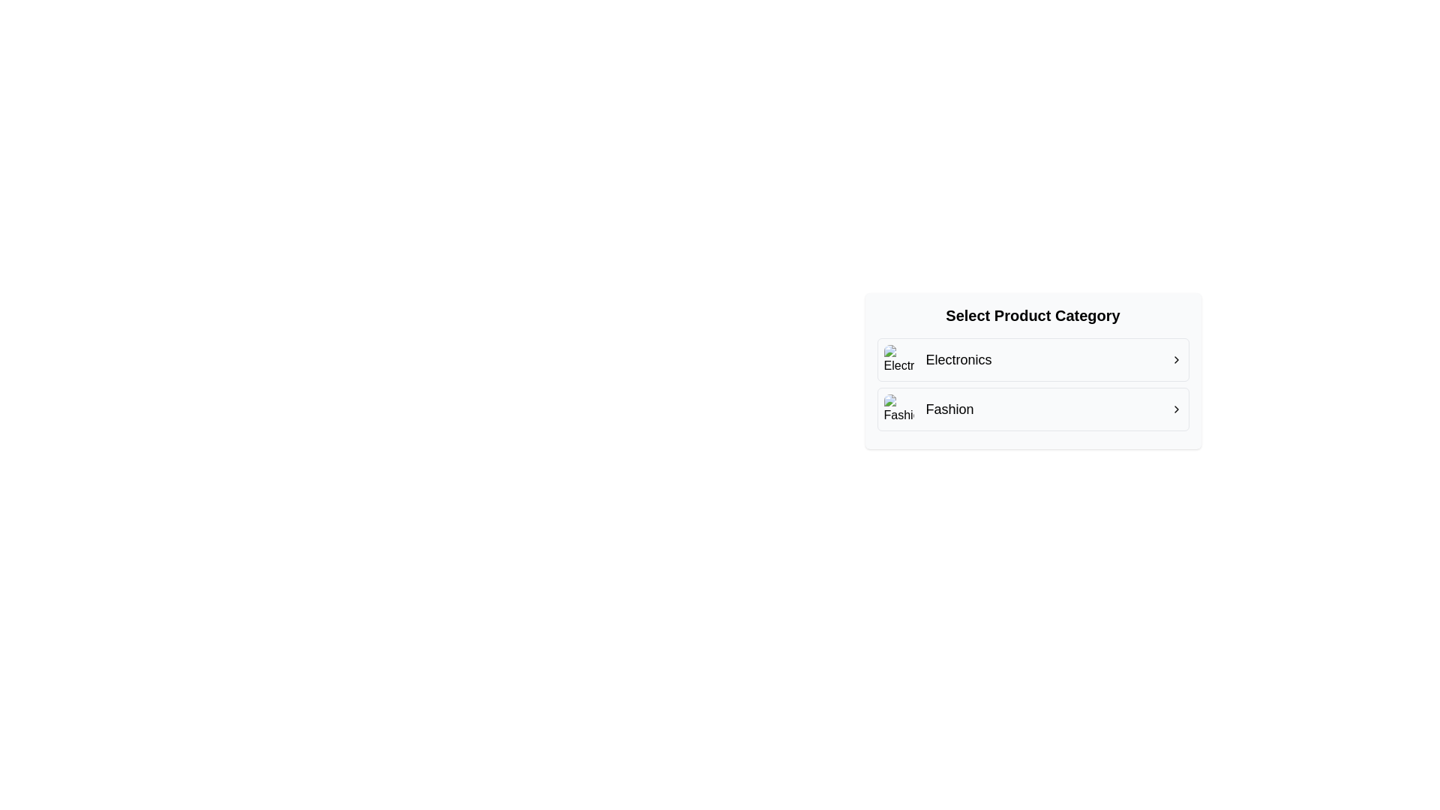  Describe the element at coordinates (898, 409) in the screenshot. I see `the small, rounded square image placeholder next to the 'Fashion' text in the category list under 'Select Product Category'` at that location.